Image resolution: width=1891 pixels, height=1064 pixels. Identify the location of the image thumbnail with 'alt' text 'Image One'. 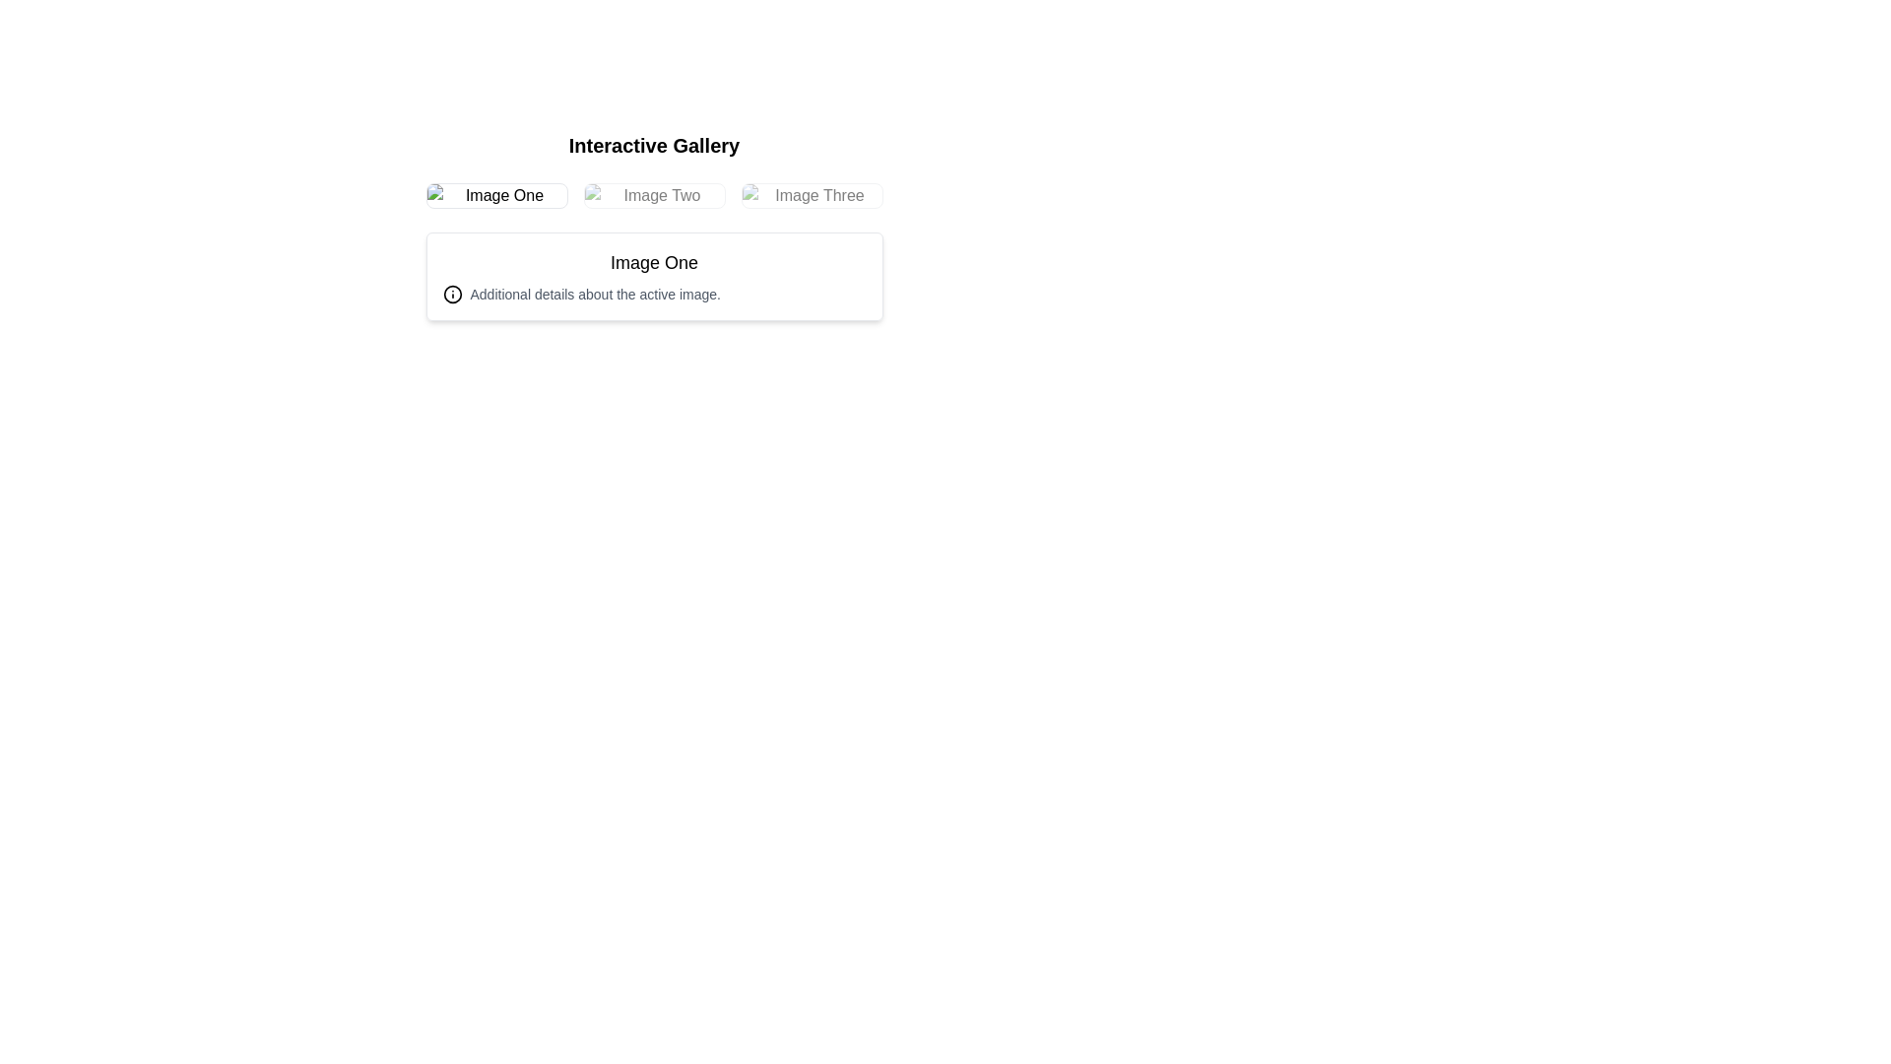
(496, 196).